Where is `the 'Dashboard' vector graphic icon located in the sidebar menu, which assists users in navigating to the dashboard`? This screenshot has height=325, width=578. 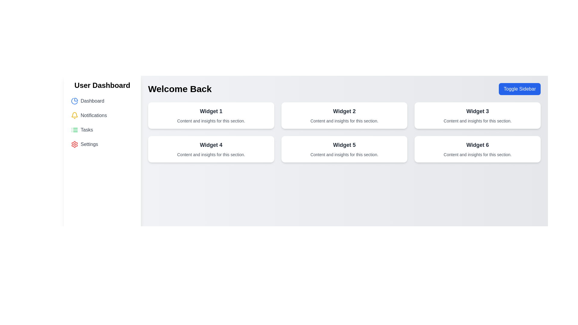 the 'Dashboard' vector graphic icon located in the sidebar menu, which assists users in navigating to the dashboard is located at coordinates (74, 101).